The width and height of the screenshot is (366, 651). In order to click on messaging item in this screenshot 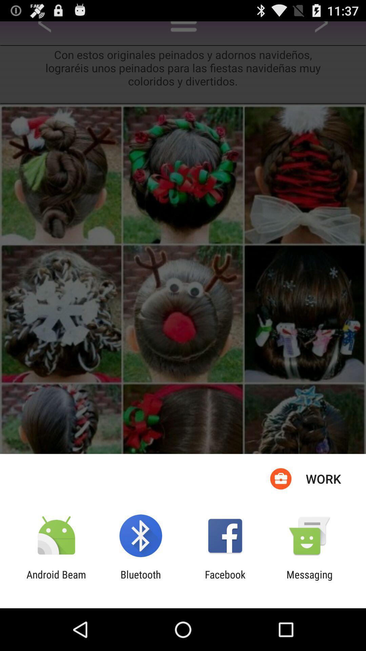, I will do `click(309, 580)`.